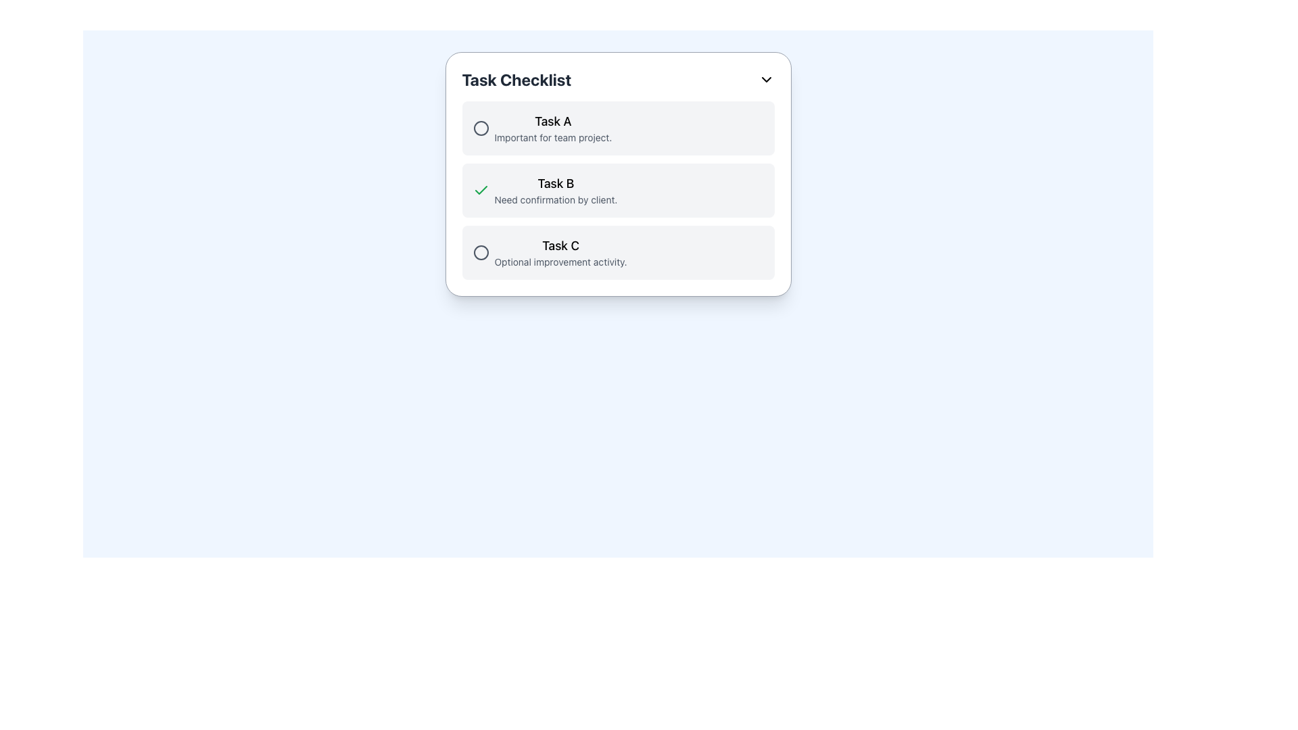 Image resolution: width=1298 pixels, height=730 pixels. What do you see at coordinates (481, 128) in the screenshot?
I see `the circular gray icon with a transparent center located near the 'Task A Important for team project' text in the checklist component` at bounding box center [481, 128].